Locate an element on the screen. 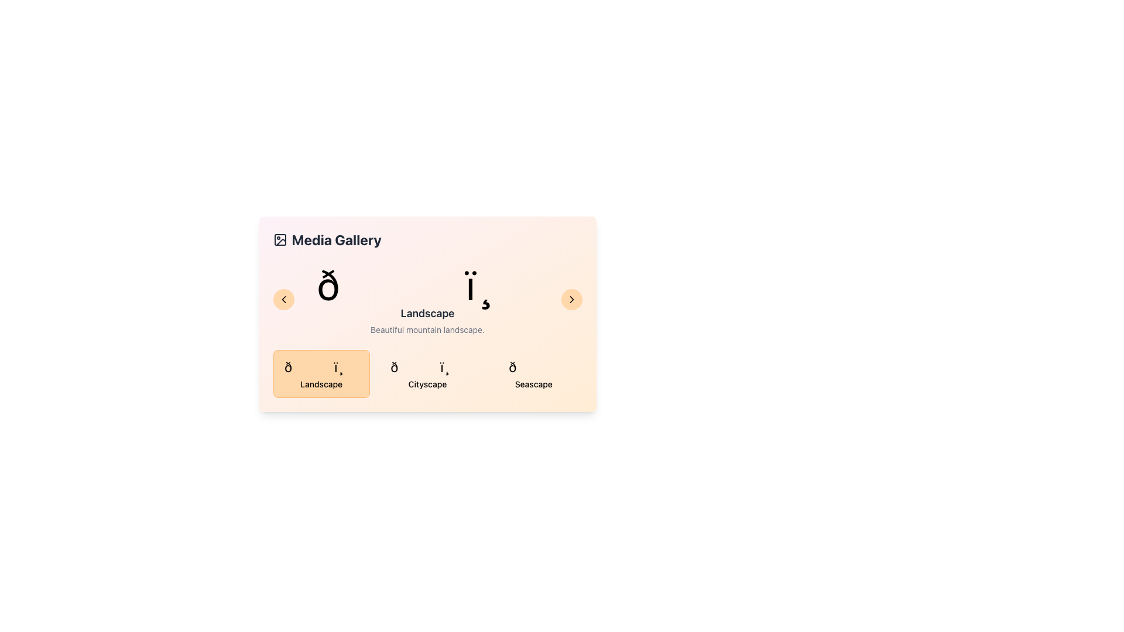 The image size is (1124, 632). the decorative element at the top of the 'Seascape' button, which enhances the visual context of the button located in the 'Media Gallery' section is located at coordinates (533, 366).